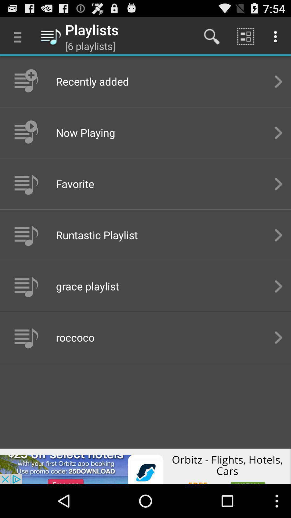 This screenshot has height=518, width=291. I want to click on the playlist icon which is beside playlists, so click(51, 36).